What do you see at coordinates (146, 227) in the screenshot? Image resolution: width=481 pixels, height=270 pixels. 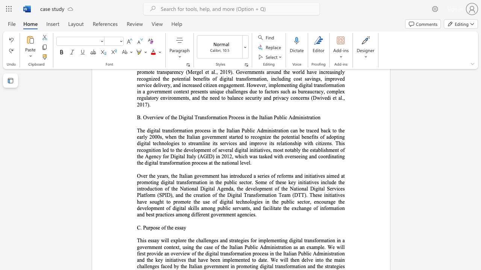 I see `the space between the continuous character "P" and "u" in the text` at bounding box center [146, 227].